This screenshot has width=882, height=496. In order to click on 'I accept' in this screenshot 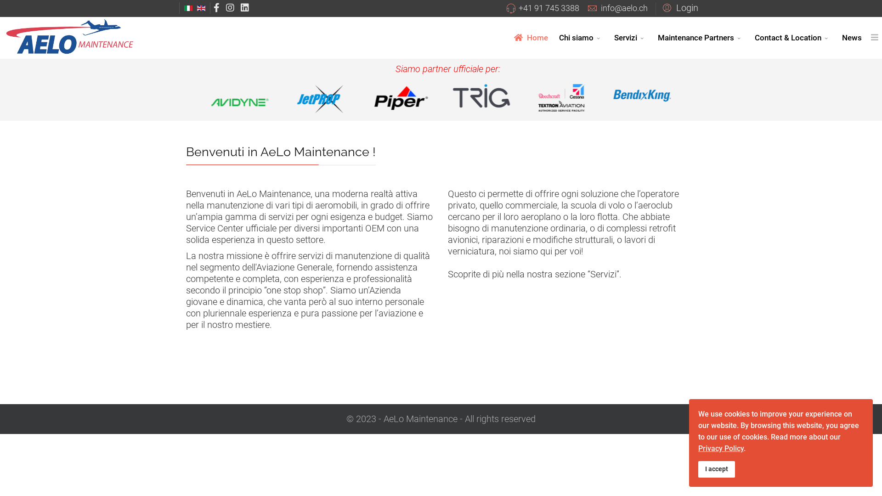, I will do `click(716, 469)`.